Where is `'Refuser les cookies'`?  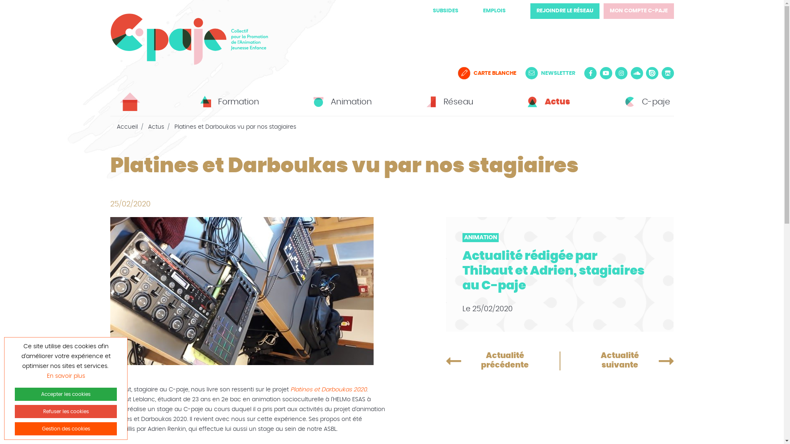
'Refuser les cookies' is located at coordinates (65, 412).